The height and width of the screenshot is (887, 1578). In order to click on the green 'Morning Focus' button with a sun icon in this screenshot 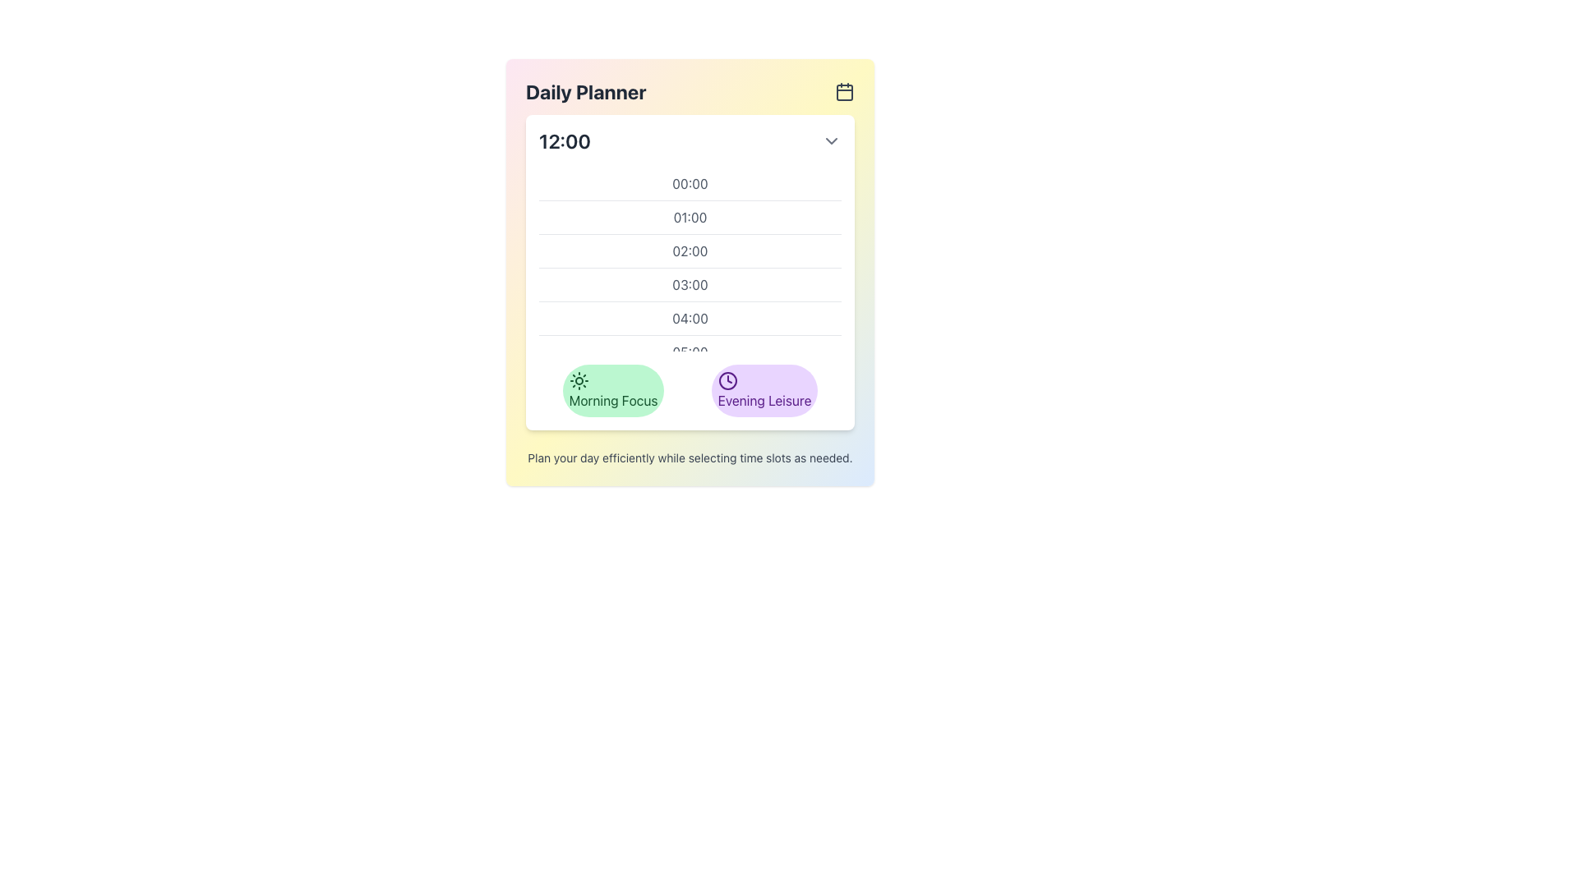, I will do `click(612, 390)`.